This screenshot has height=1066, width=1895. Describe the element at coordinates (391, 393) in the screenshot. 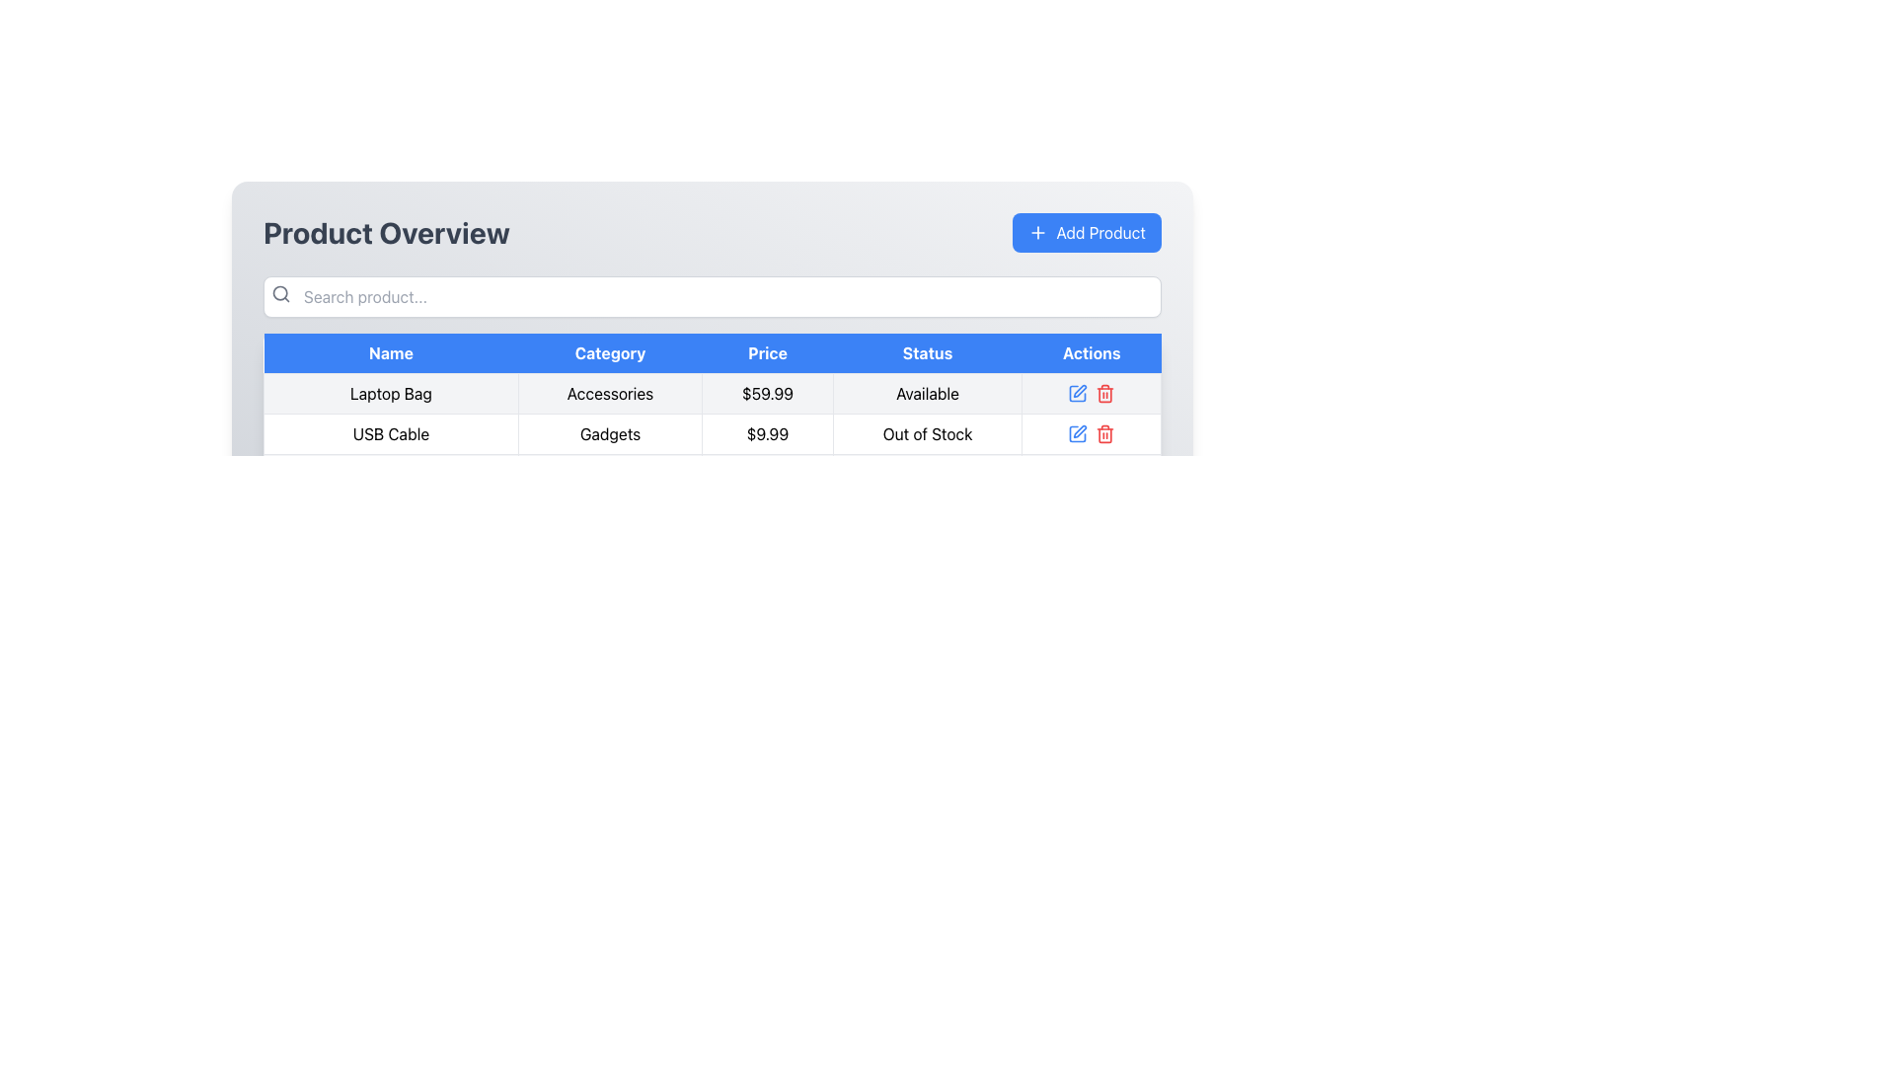

I see `information displayed on the text label representing the product name 'Laptop Bag' in the table under the 'Name' column` at that location.